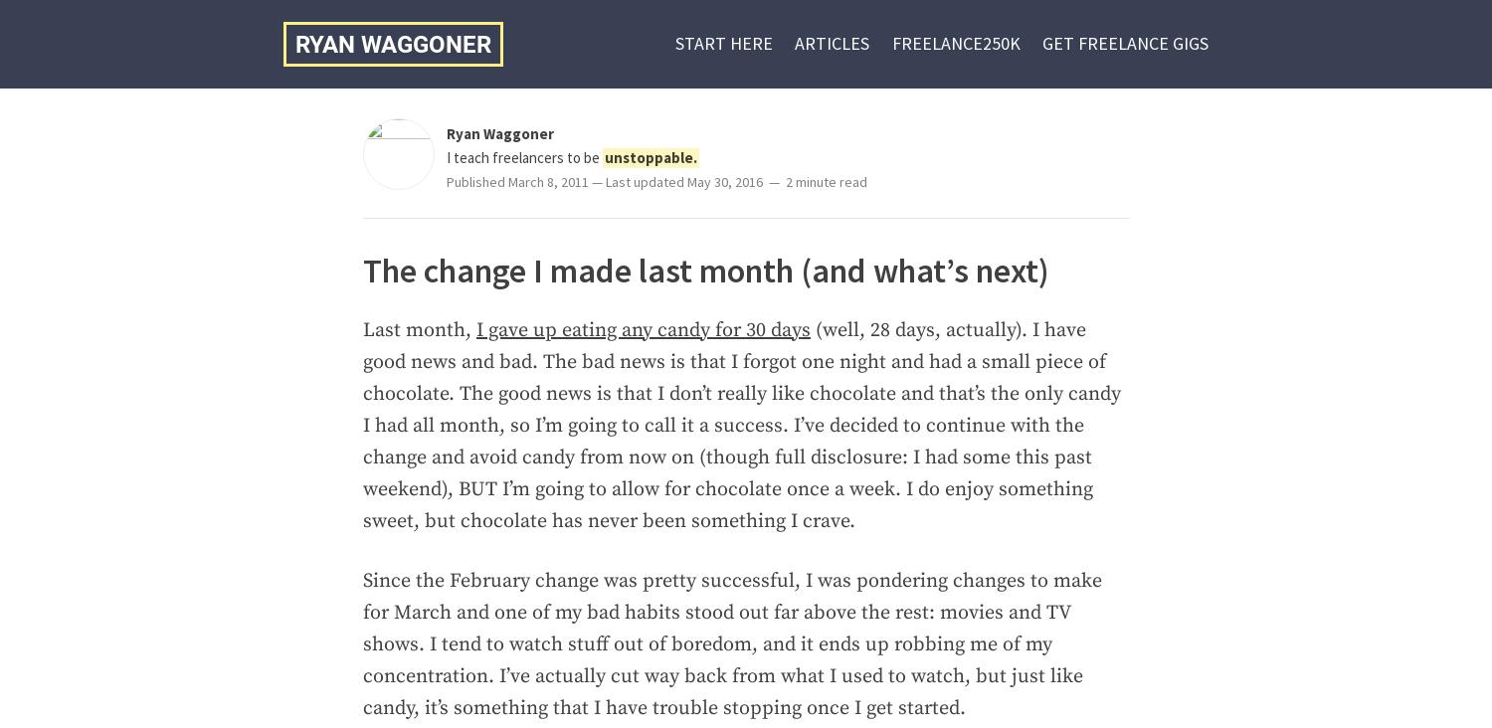 This screenshot has width=1492, height=728. What do you see at coordinates (730, 643) in the screenshot?
I see `'Since the February change was pretty successful, I was pondering changes to make for March and one of my bad habits stood out far above the rest: movies and TV shows. I tend to watch stuff out of boredom, and it ends up robbing me of my concentration. I’ve actually cut way back from what I used to watch, but just like candy, it’s something that I have trouble stopping once I get started.'` at bounding box center [730, 643].